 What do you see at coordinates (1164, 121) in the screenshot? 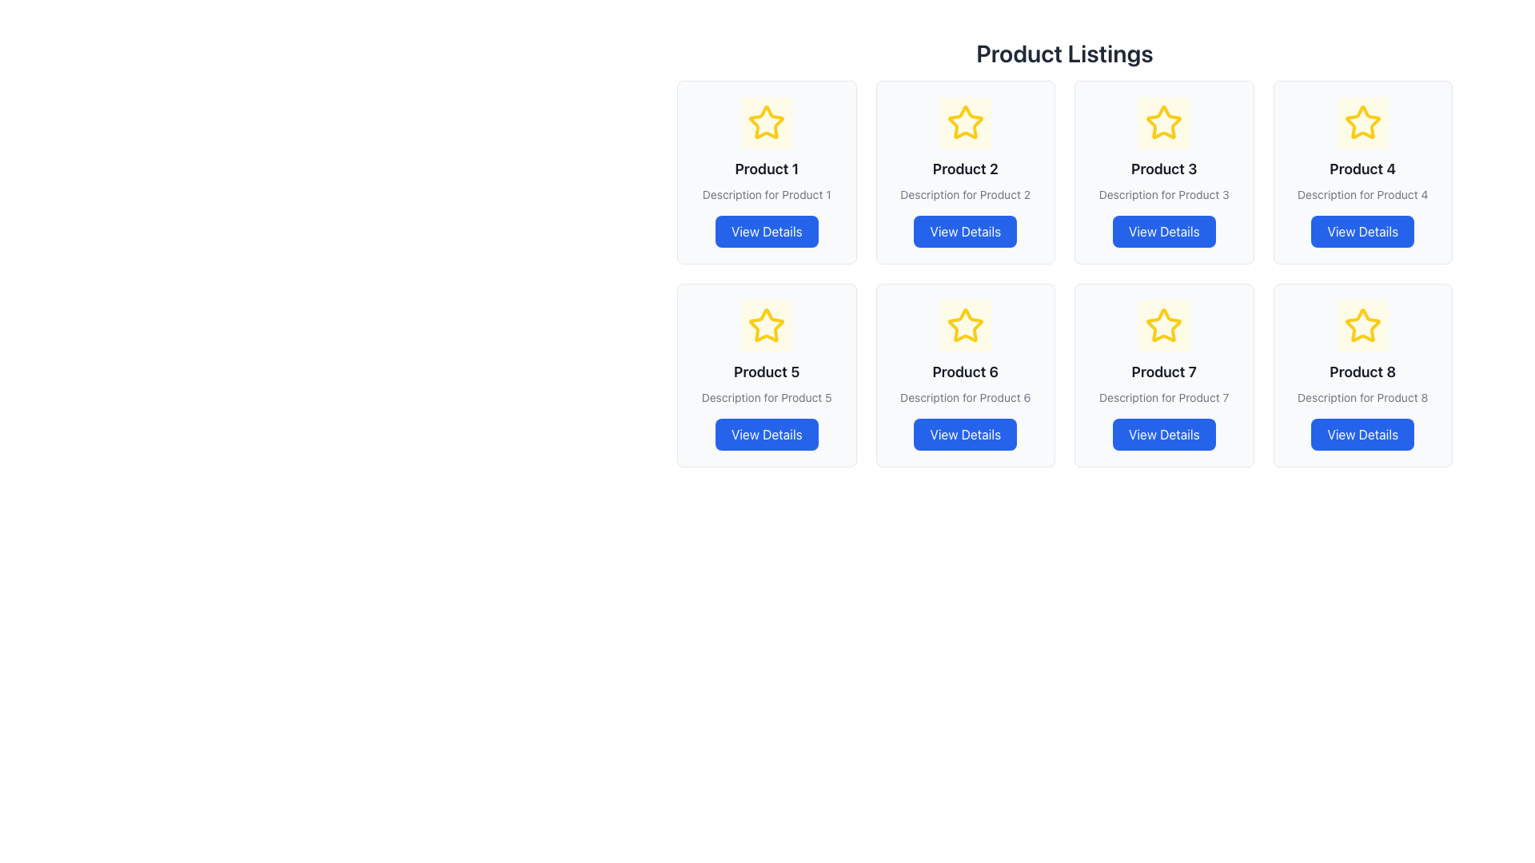
I see `the star icon representing the rating mechanism for 'Product 3', located in the first row and third column of the product grid, directly above the 'View Details' button` at bounding box center [1164, 121].